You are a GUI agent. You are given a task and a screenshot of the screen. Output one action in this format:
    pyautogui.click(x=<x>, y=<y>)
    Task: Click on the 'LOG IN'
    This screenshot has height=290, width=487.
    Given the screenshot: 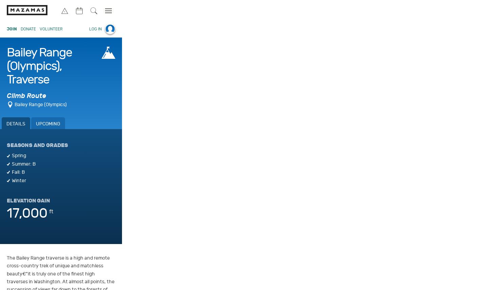 What is the action you would take?
    pyautogui.click(x=95, y=28)
    